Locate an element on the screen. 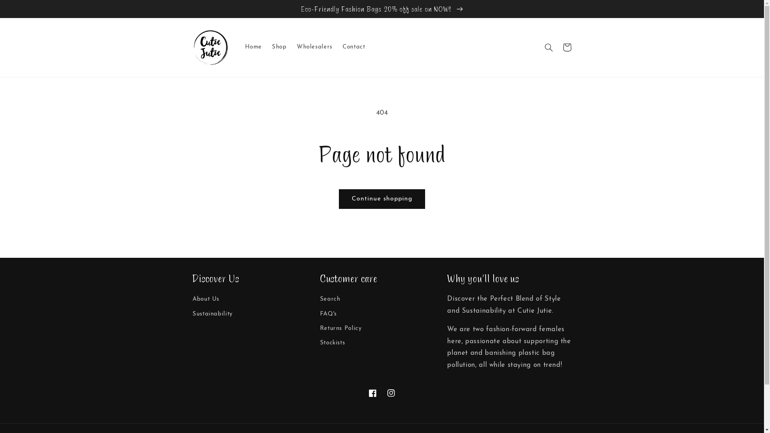  'Contact' is located at coordinates (353, 47).